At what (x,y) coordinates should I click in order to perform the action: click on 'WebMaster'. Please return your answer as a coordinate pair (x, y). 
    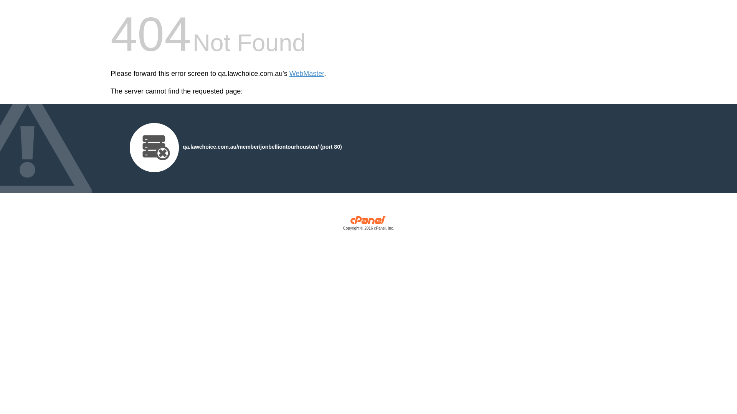
    Looking at the image, I should click on (289, 74).